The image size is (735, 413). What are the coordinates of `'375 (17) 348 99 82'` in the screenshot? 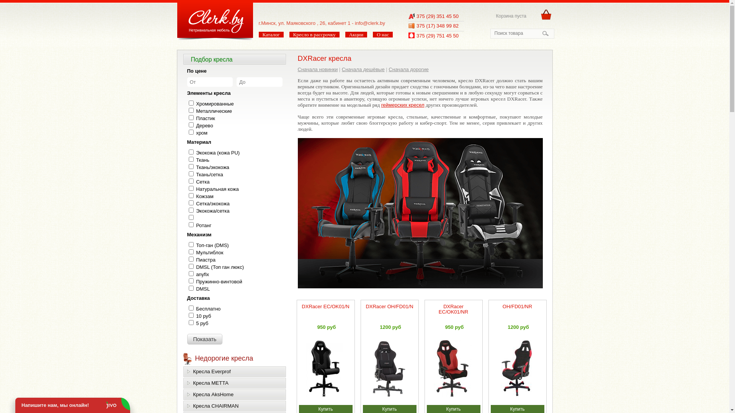 It's located at (437, 25).